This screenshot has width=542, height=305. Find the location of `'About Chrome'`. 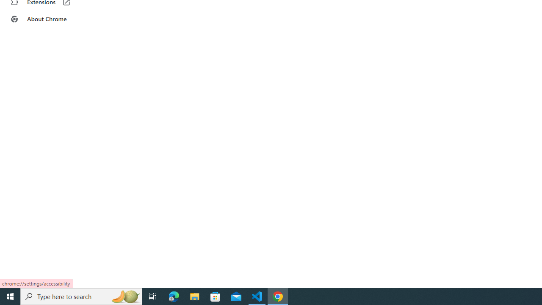

'About Chrome' is located at coordinates (52, 19).